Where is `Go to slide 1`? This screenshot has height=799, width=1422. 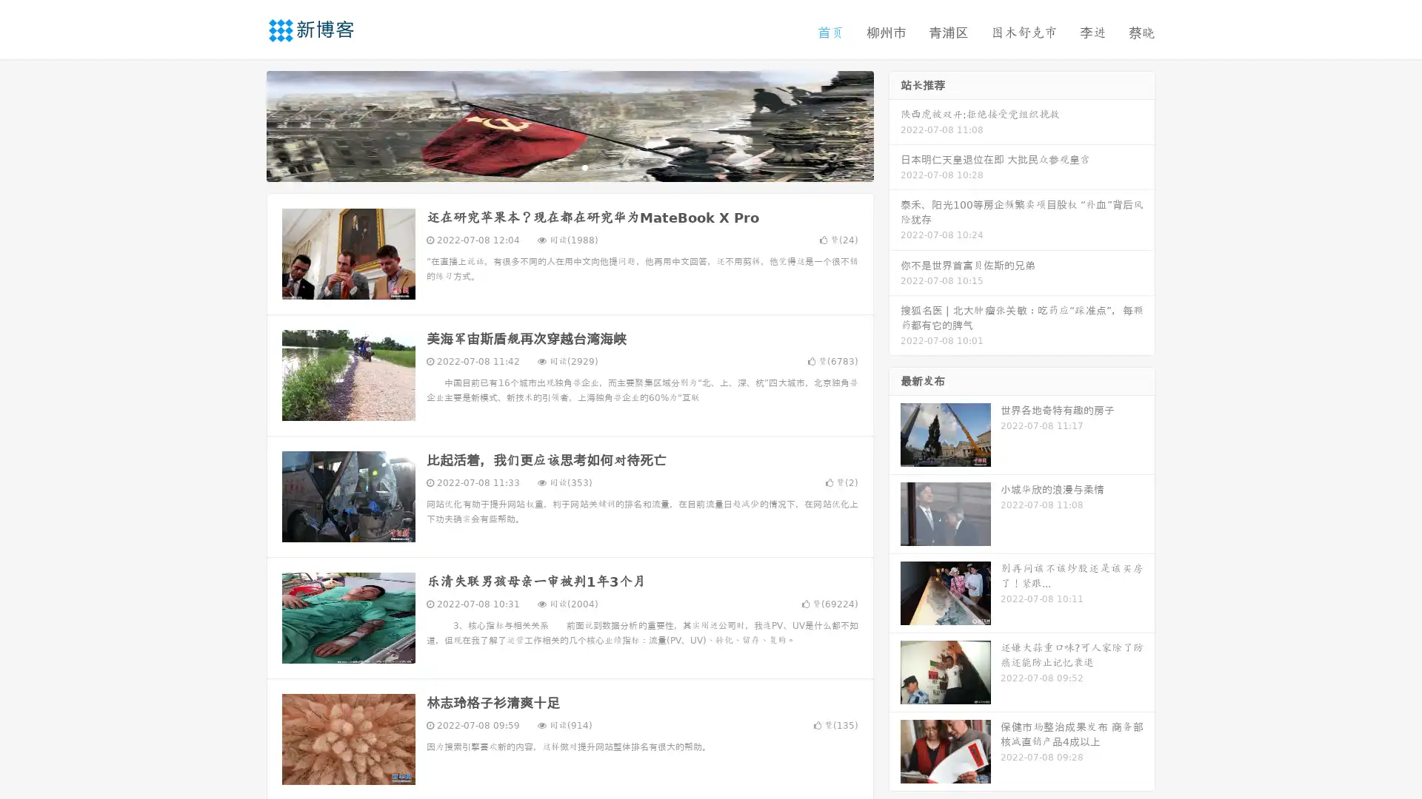 Go to slide 1 is located at coordinates (554, 166).